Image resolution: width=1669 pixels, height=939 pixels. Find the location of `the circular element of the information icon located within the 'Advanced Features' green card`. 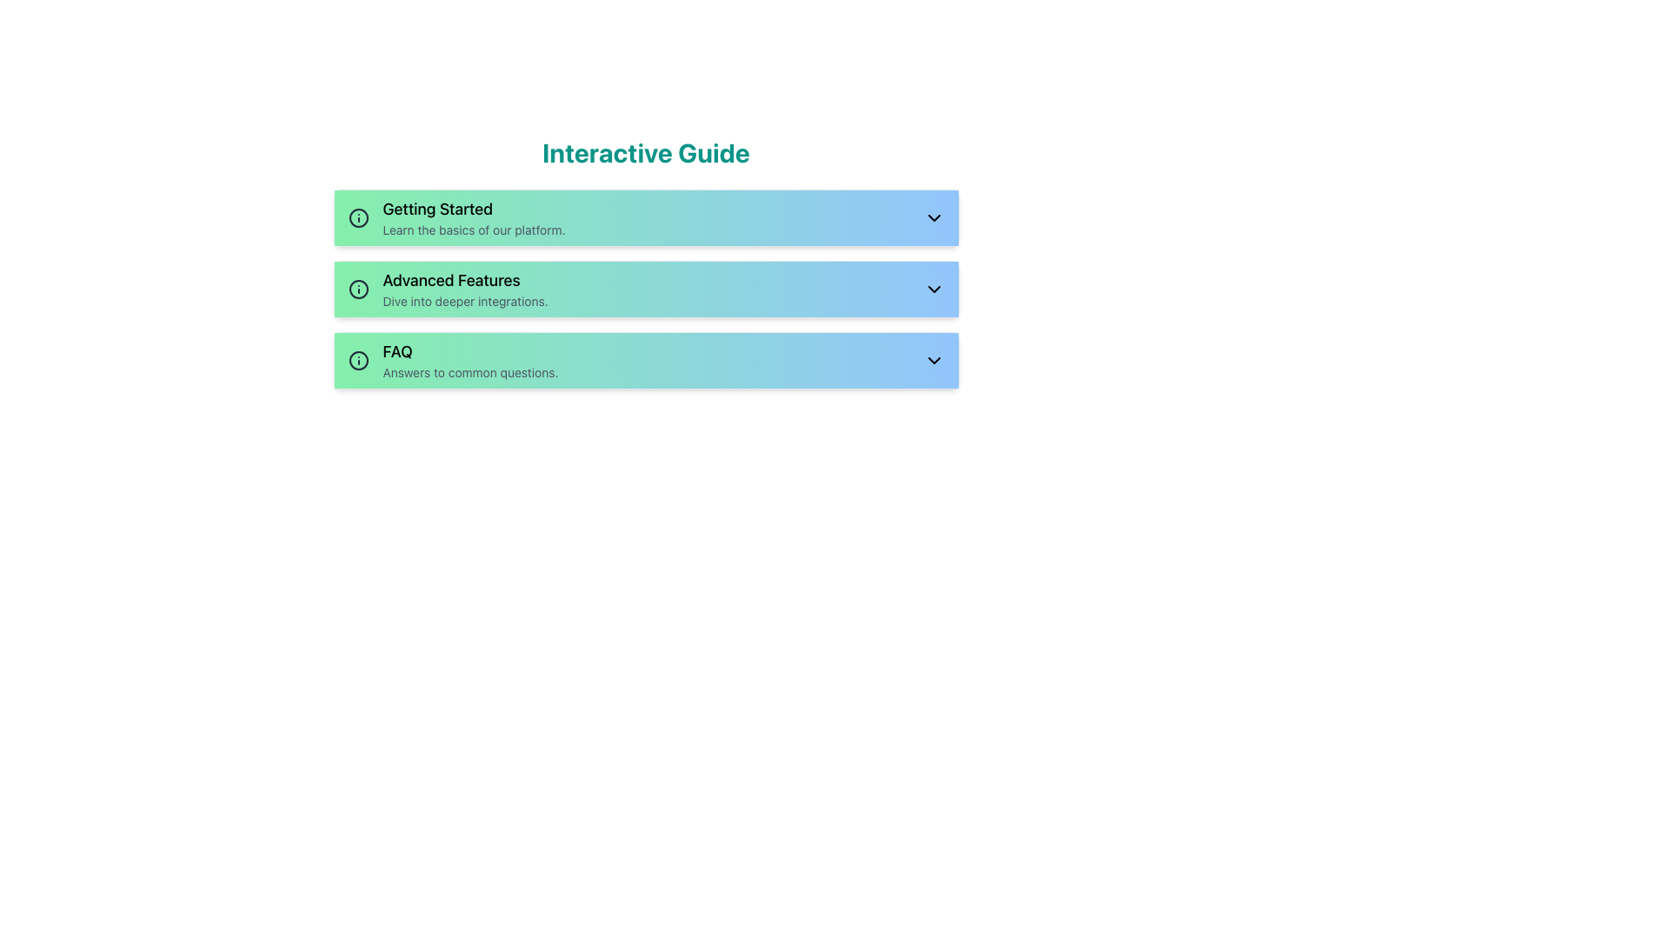

the circular element of the information icon located within the 'Advanced Features' green card is located at coordinates (357, 288).